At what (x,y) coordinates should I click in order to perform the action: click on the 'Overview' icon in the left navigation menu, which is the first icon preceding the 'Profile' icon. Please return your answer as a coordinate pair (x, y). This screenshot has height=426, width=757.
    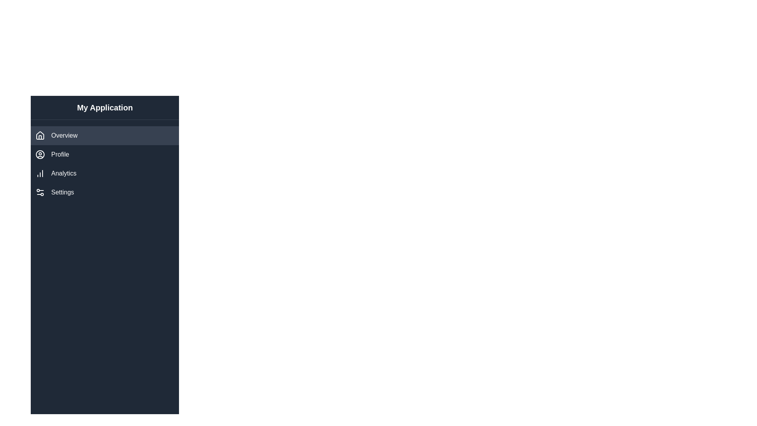
    Looking at the image, I should click on (39, 135).